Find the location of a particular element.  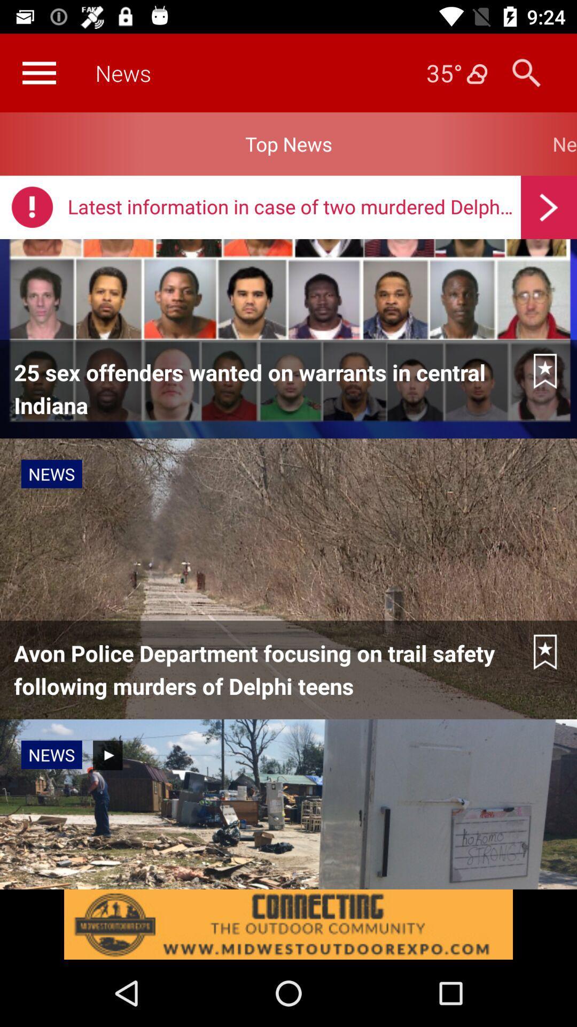

advertisement banner is located at coordinates (288, 924).